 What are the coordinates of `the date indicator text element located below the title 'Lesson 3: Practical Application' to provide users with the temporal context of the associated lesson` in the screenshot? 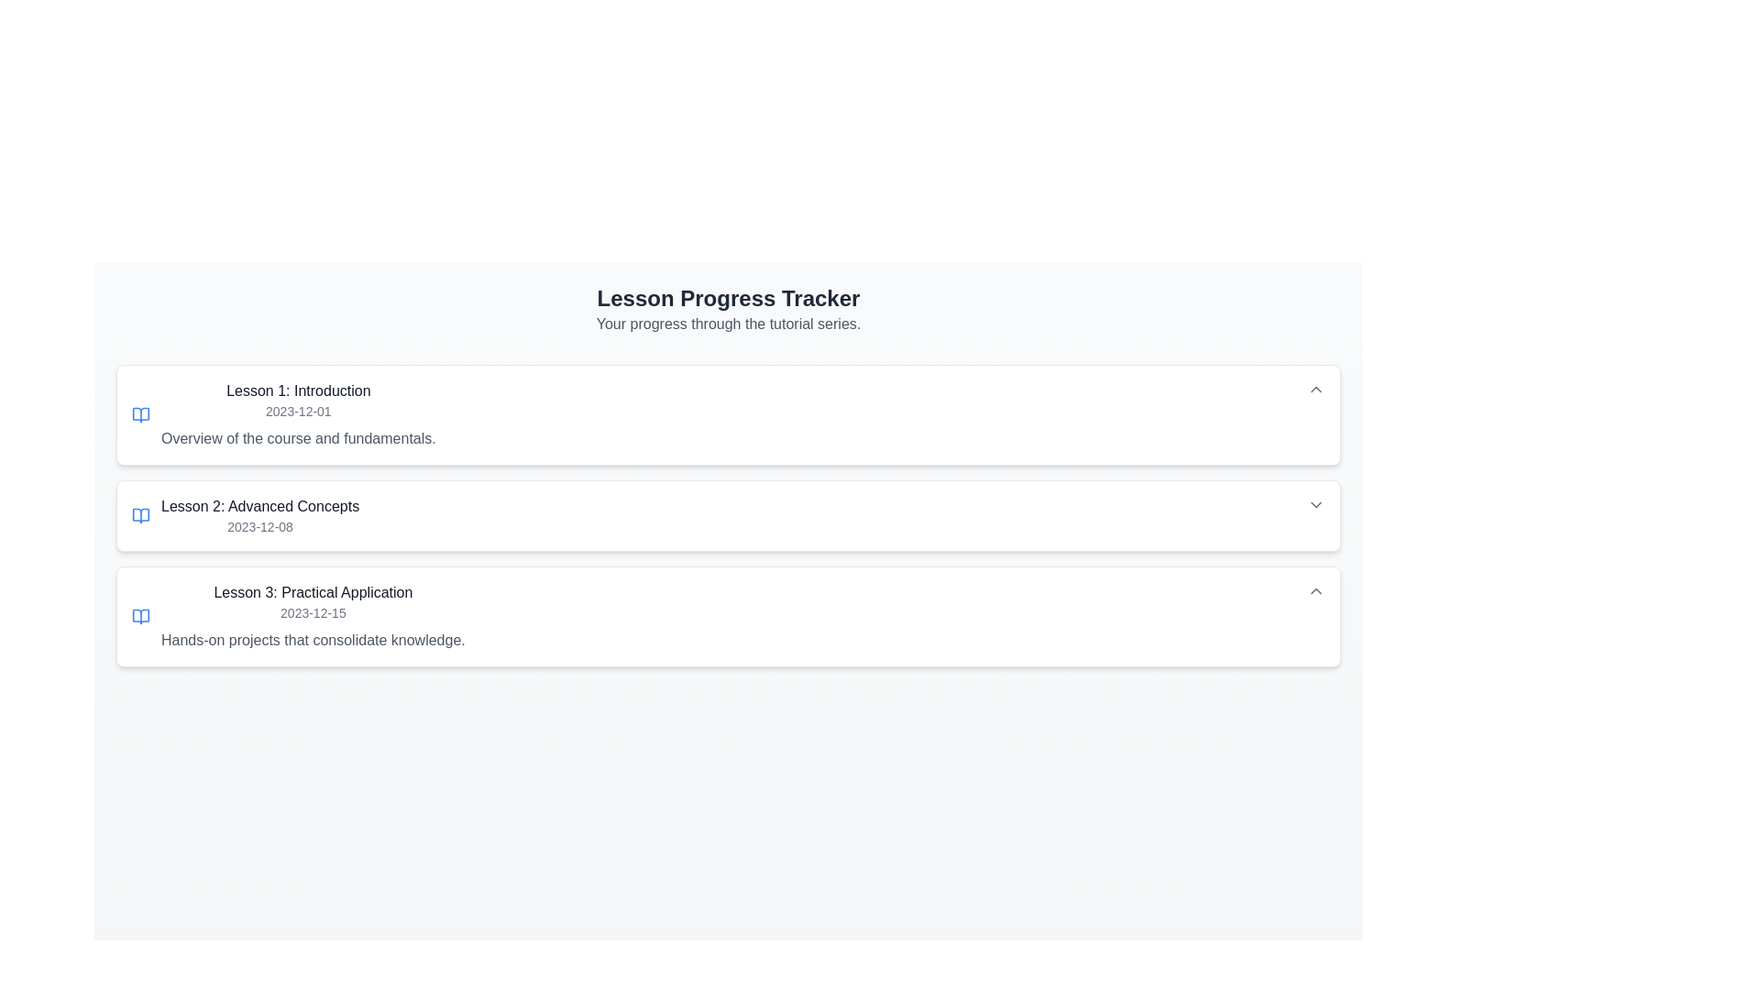 It's located at (313, 612).